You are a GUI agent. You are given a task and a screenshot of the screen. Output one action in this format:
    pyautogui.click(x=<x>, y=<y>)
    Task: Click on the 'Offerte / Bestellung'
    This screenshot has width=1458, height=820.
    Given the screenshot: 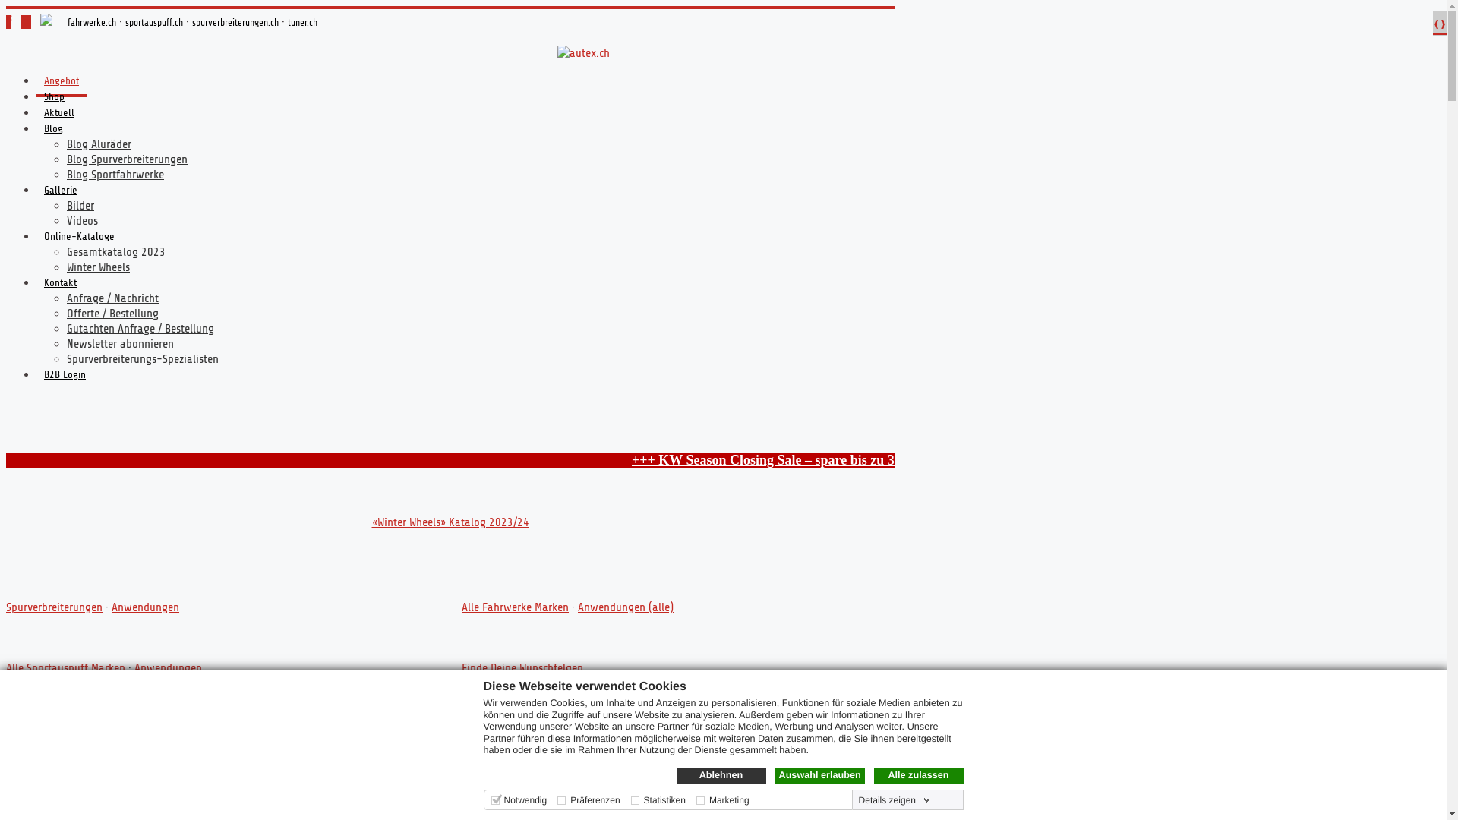 What is the action you would take?
    pyautogui.click(x=112, y=312)
    